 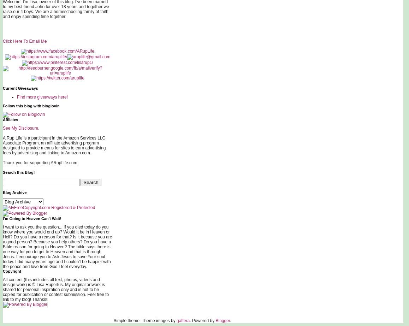 What do you see at coordinates (54, 146) in the screenshot?
I see `'A Rup Life is a participant in the Amazon Services LLC Associate  Program, an affiliate advertising program designed to provide means for  sites to earn advertising fees by advertising and linking to Amazon.com.'` at bounding box center [54, 146].